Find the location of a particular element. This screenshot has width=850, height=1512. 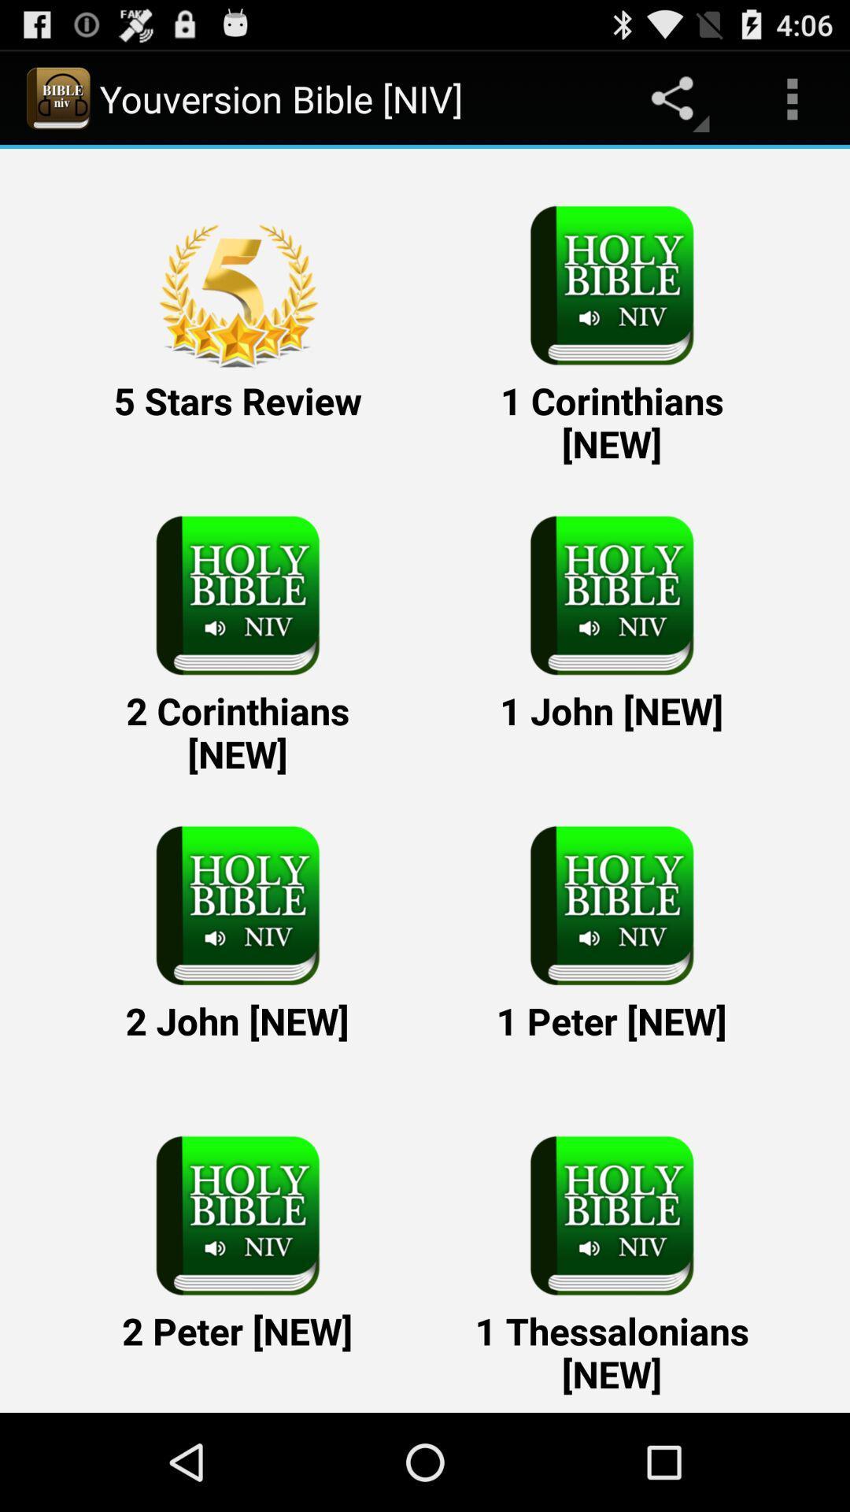

the icon above the 1 corinthians [new] app is located at coordinates (792, 98).